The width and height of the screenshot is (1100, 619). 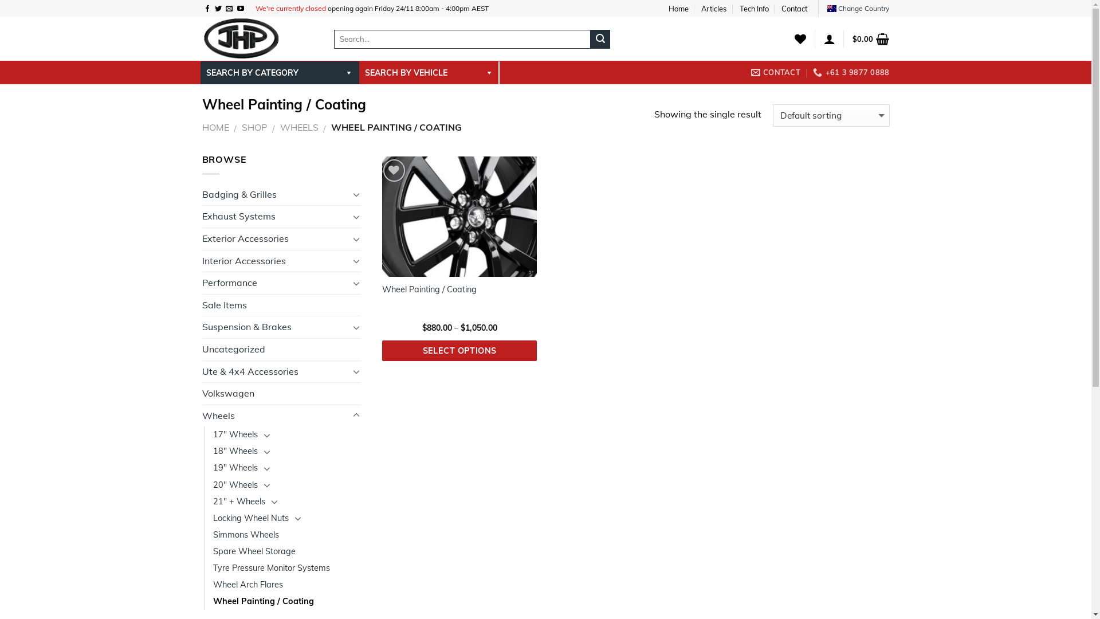 I want to click on 'SHOP', so click(x=254, y=127).